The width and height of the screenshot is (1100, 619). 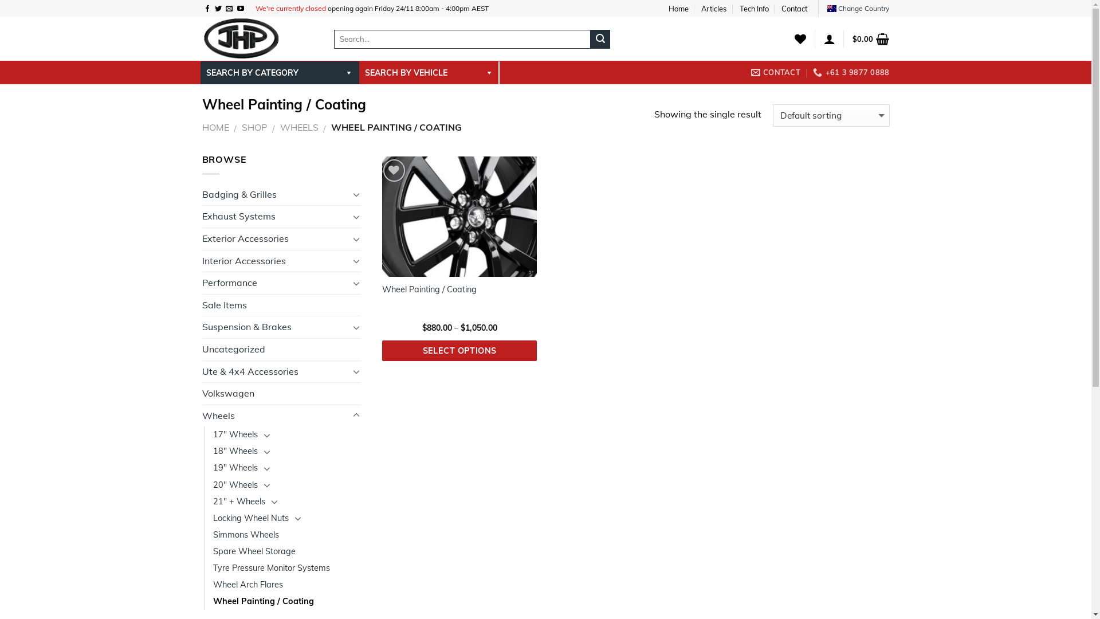 I want to click on 'SHOP', so click(x=254, y=127).